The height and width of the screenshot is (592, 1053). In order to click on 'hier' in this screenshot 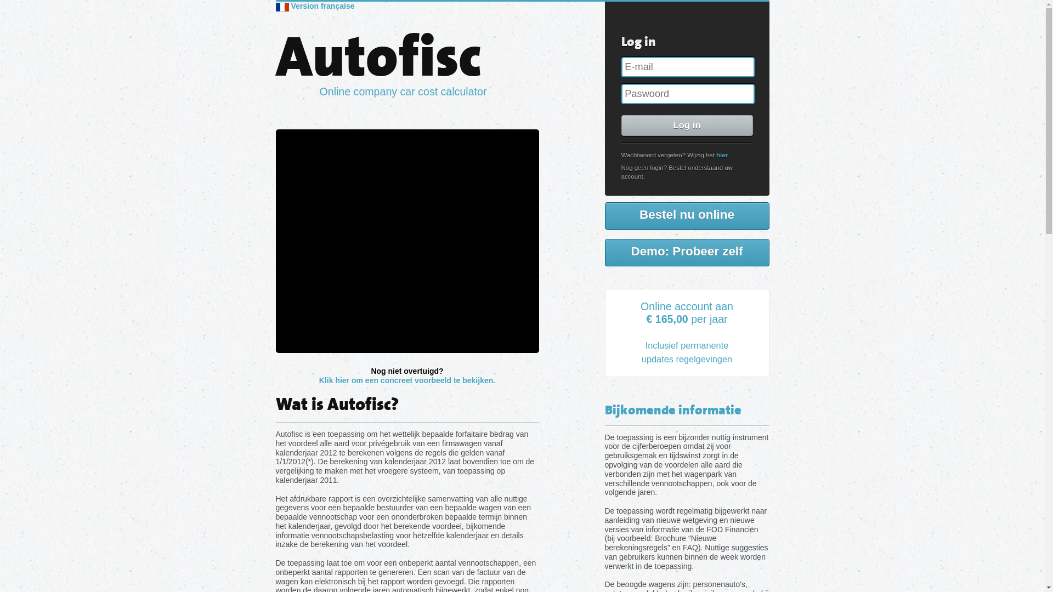, I will do `click(716, 155)`.